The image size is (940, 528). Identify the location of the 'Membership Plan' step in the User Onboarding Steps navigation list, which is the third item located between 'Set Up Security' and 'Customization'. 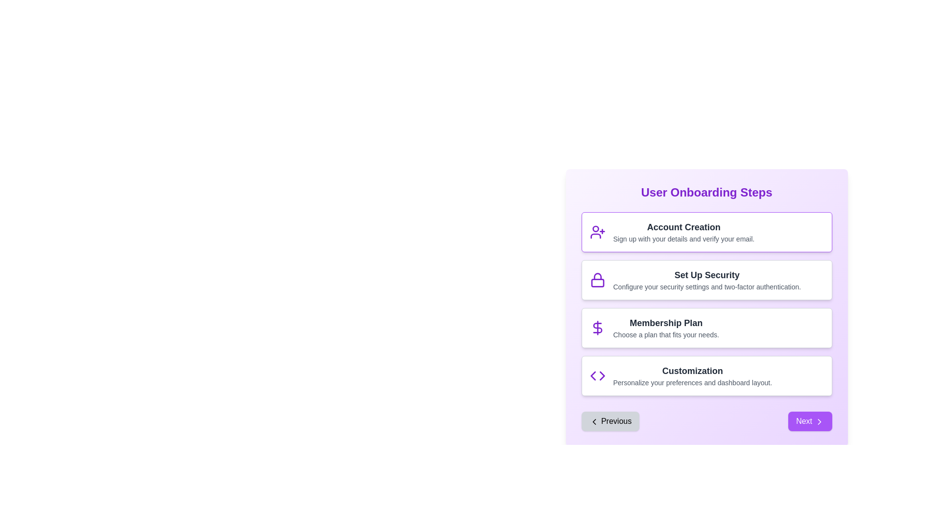
(706, 328).